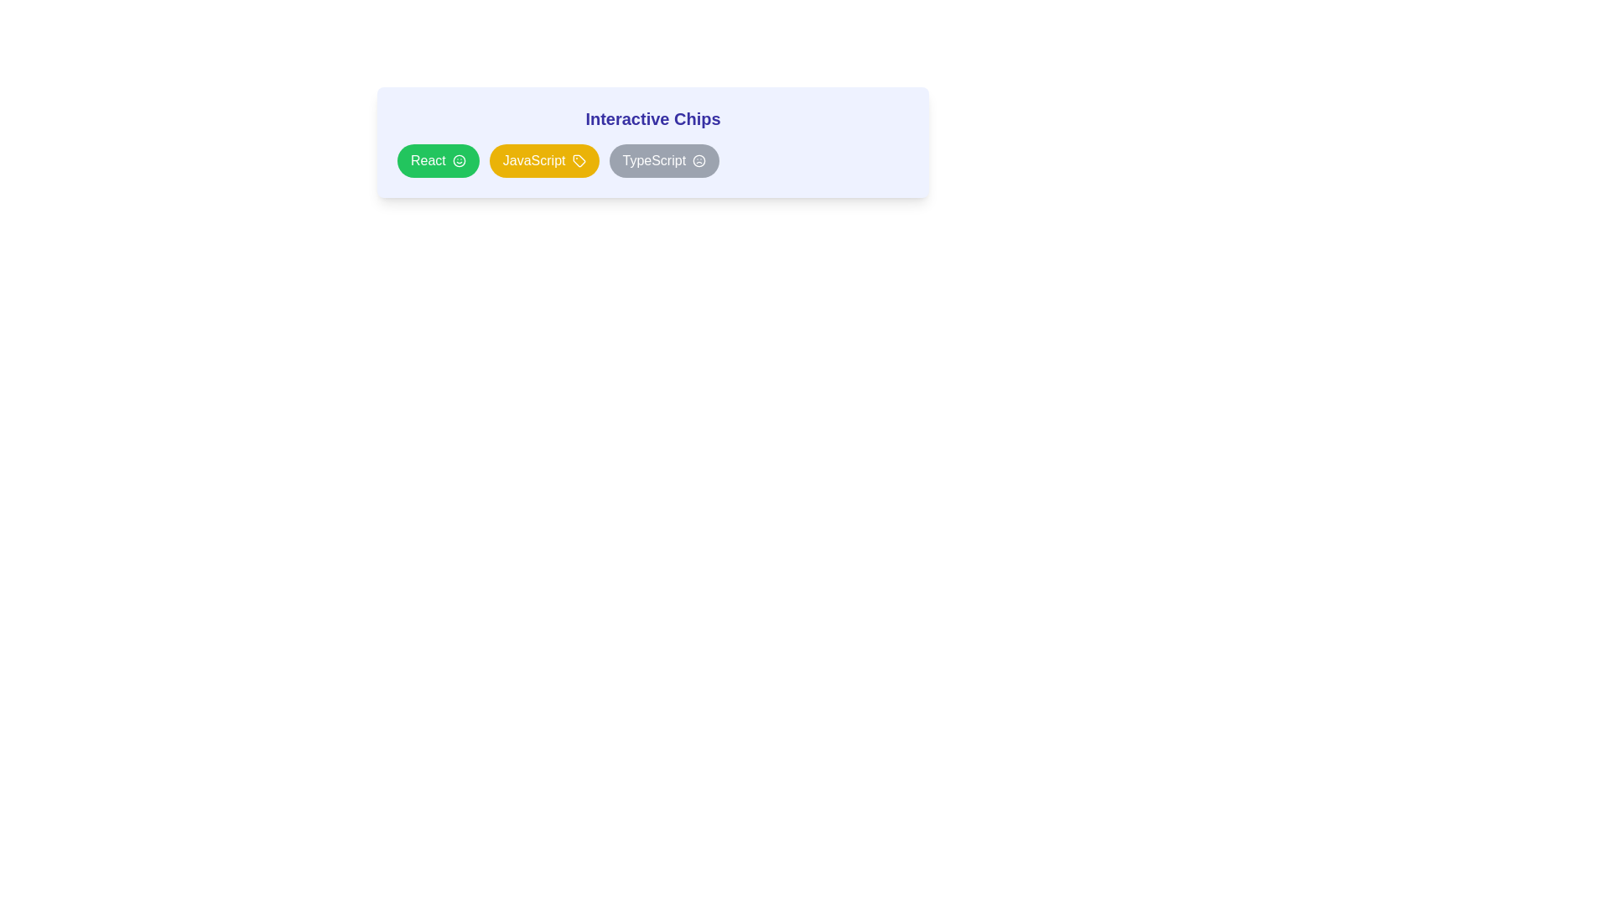 Image resolution: width=1610 pixels, height=906 pixels. I want to click on the JavaScript button located in the upper section of the layout, which is the second button in a horizontal row of three buttons labeled 'React', 'JavaScript', and 'TypeScript', so click(544, 161).